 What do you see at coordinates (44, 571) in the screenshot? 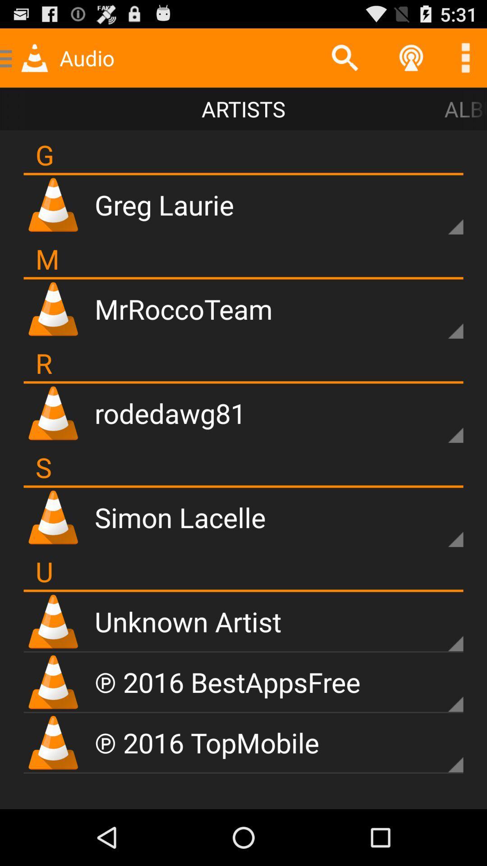
I see `the u` at bounding box center [44, 571].